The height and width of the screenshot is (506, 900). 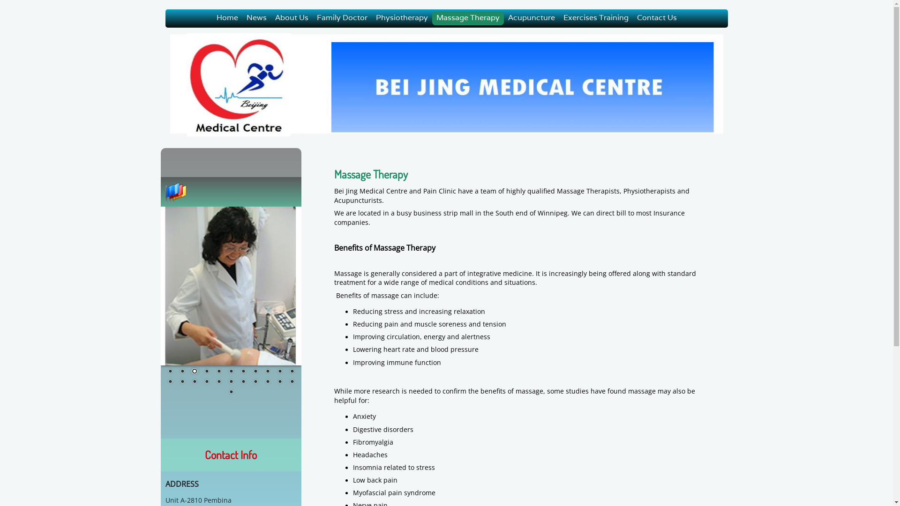 I want to click on 'Exercises Training', so click(x=595, y=18).